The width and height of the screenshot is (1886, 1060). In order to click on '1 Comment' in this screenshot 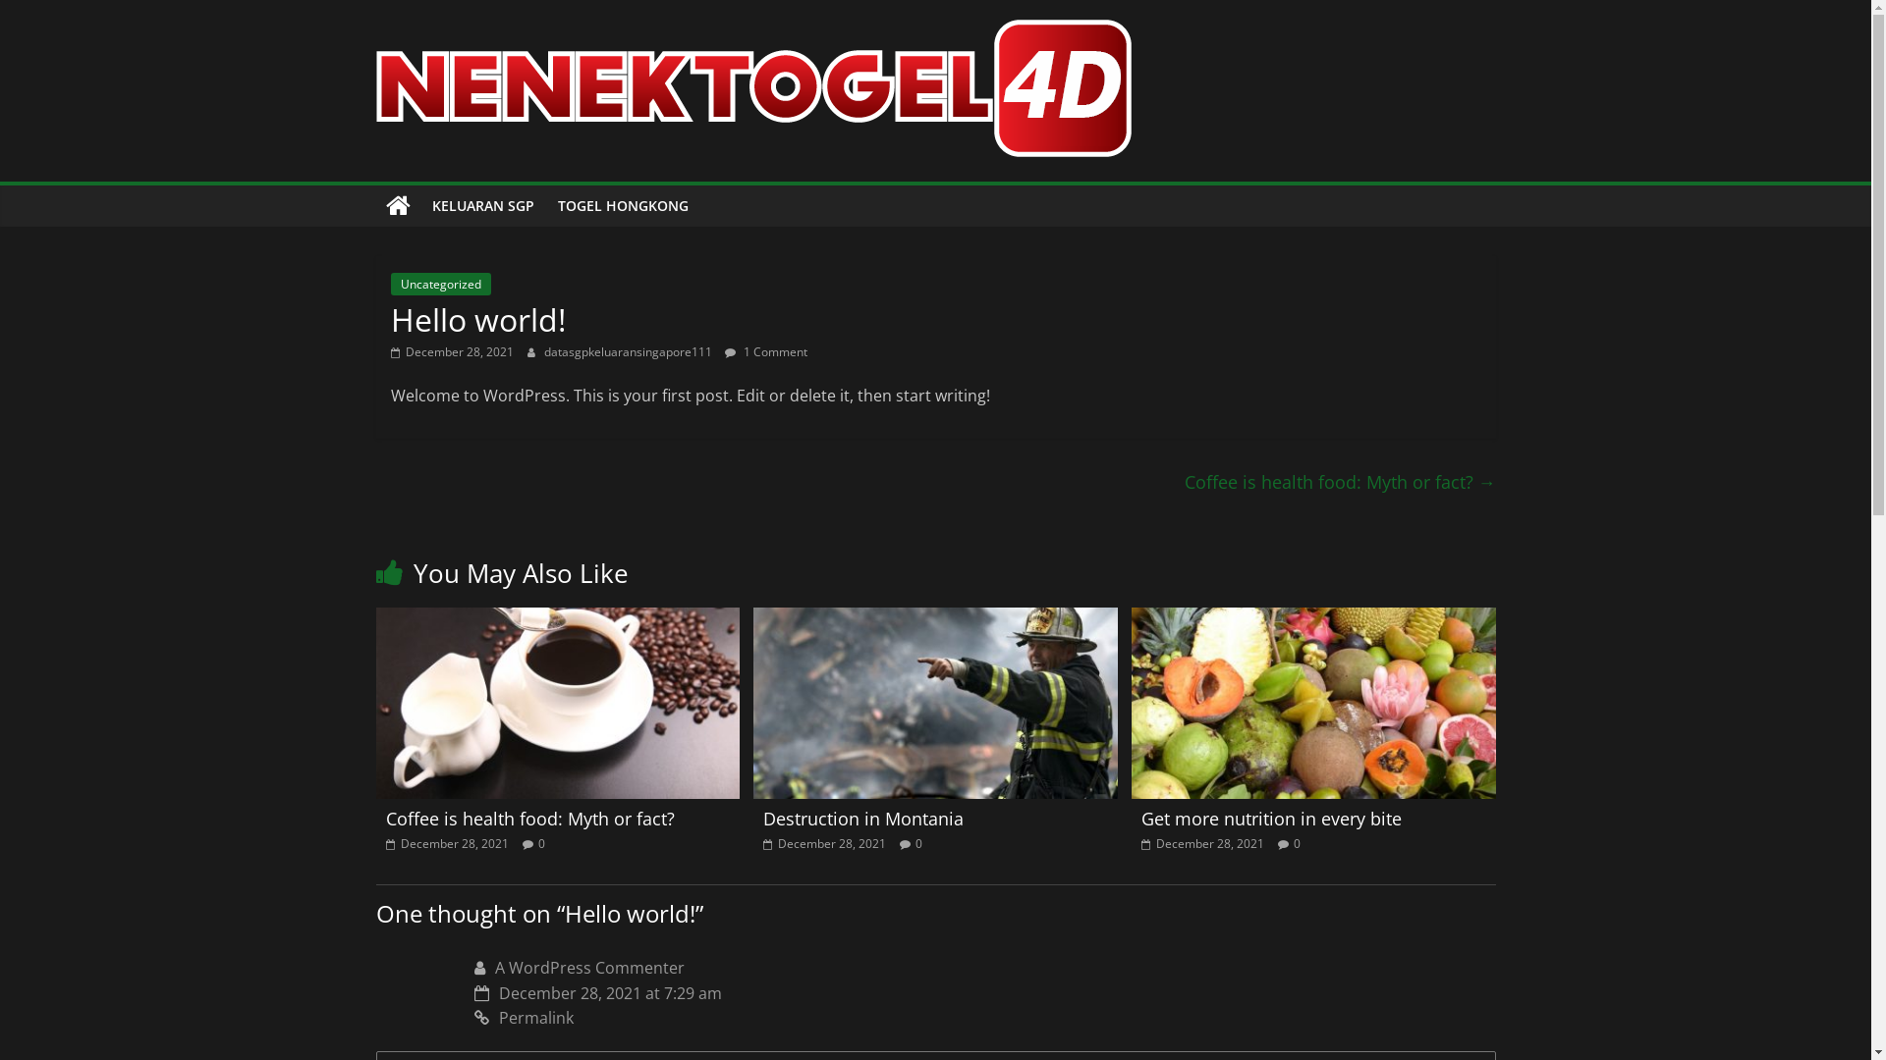, I will do `click(764, 350)`.